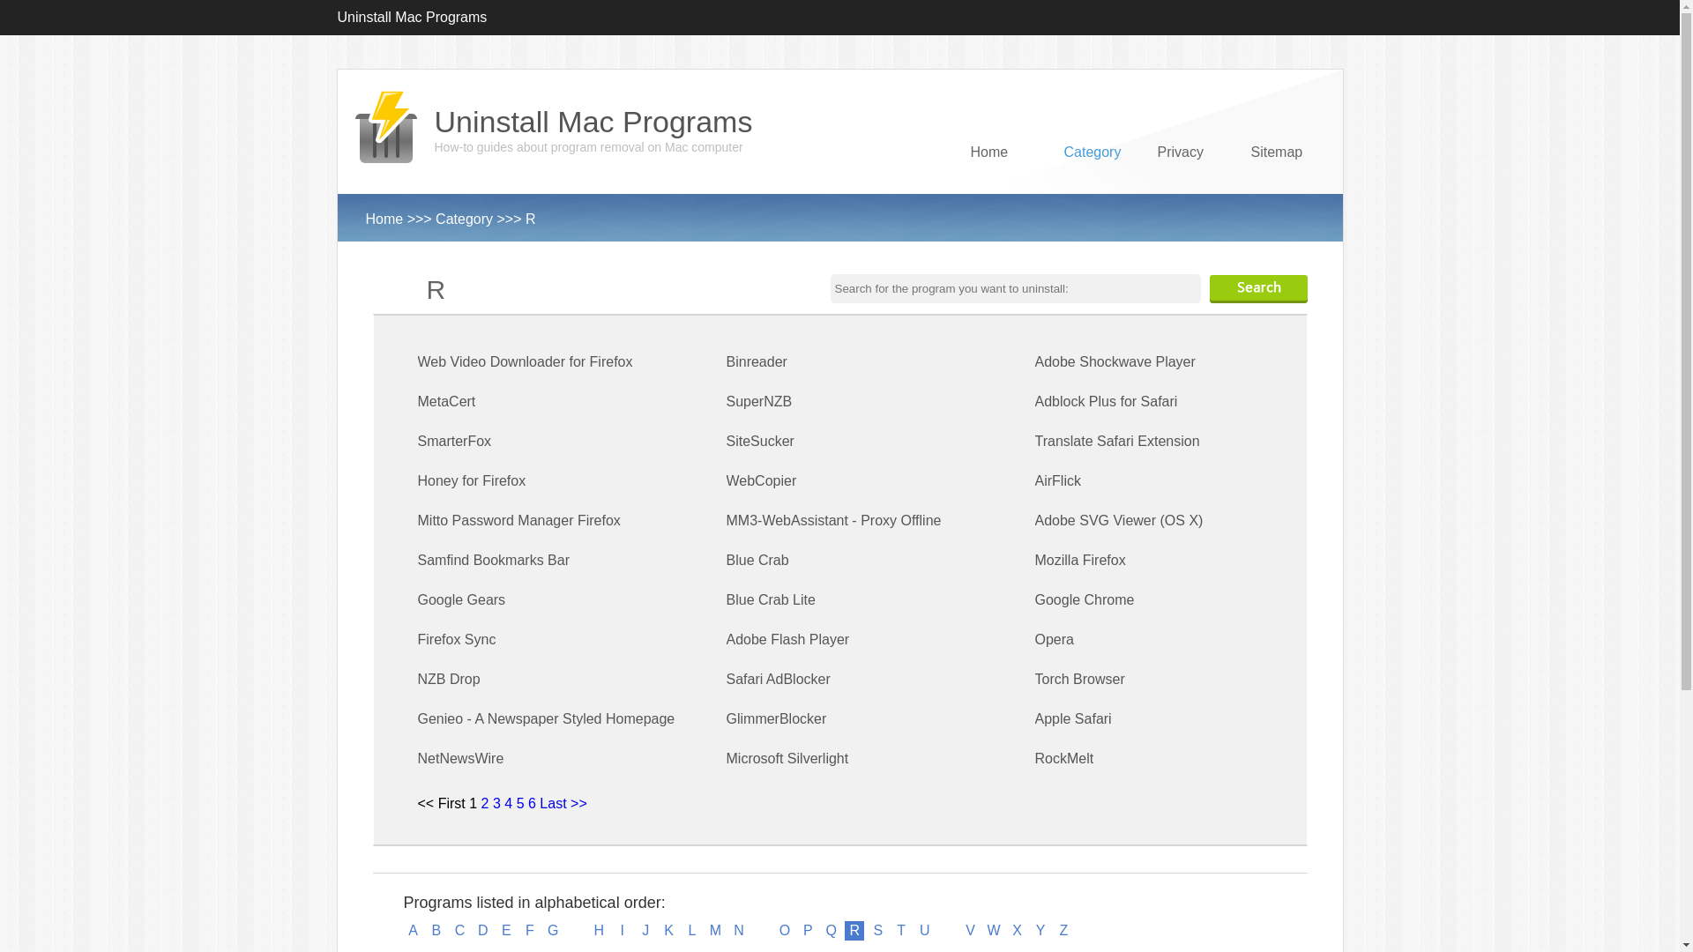 This screenshot has width=1693, height=952. I want to click on 'RockMelt', so click(1063, 757).